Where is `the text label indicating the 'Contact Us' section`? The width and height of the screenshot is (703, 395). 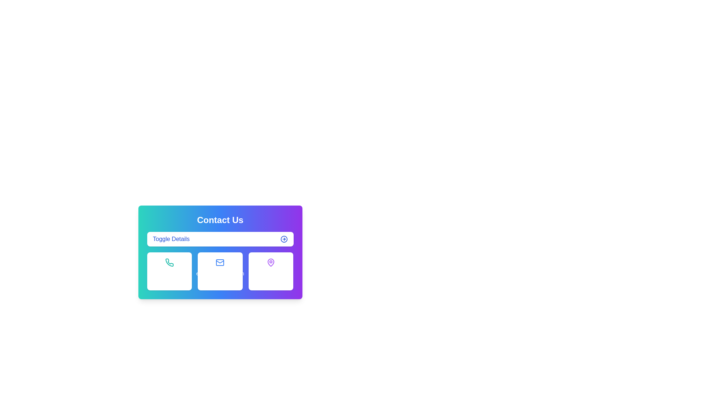 the text label indicating the 'Contact Us' section is located at coordinates (171, 239).